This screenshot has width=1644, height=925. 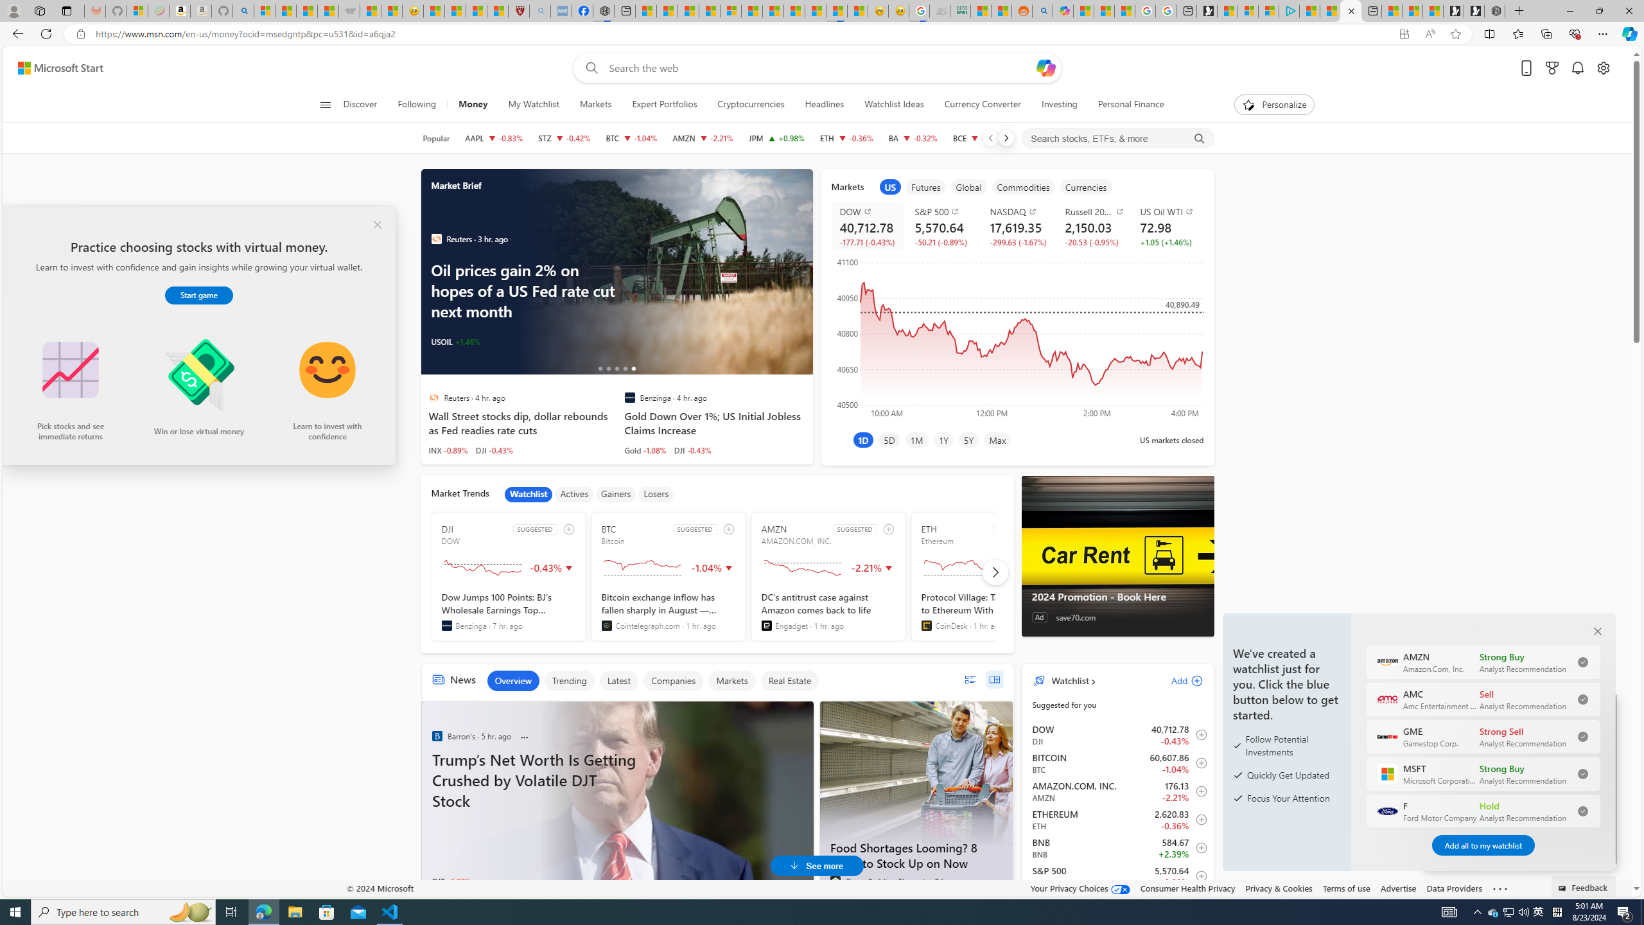 What do you see at coordinates (1345, 888) in the screenshot?
I see `'Terms of use'` at bounding box center [1345, 888].